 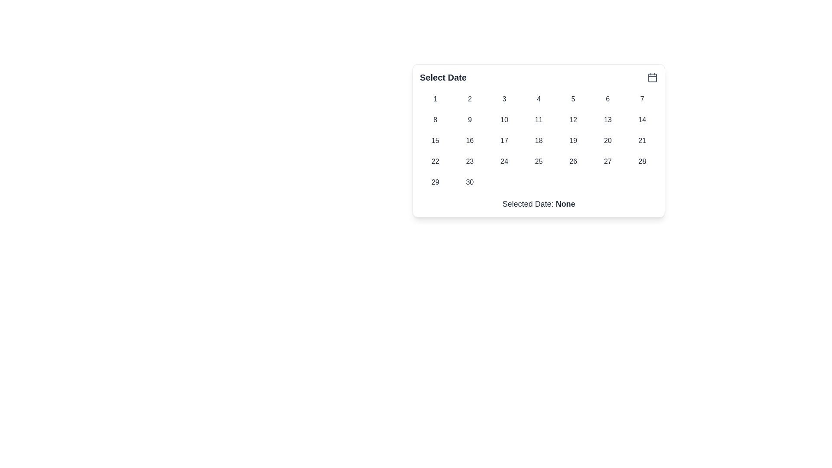 What do you see at coordinates (607, 162) in the screenshot?
I see `the button in the calendar grid that allows the user to select the date 27, located in the seventh column of the fourth row under the 'Select Date' header` at bounding box center [607, 162].